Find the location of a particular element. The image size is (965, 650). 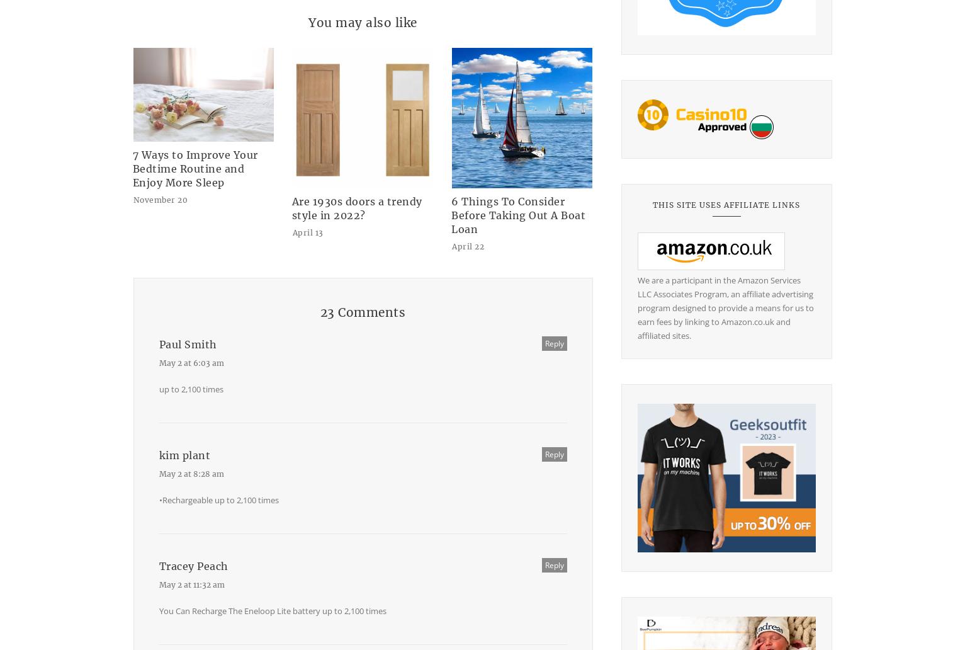

'May 2 at 6:03 am' is located at coordinates (191, 363).